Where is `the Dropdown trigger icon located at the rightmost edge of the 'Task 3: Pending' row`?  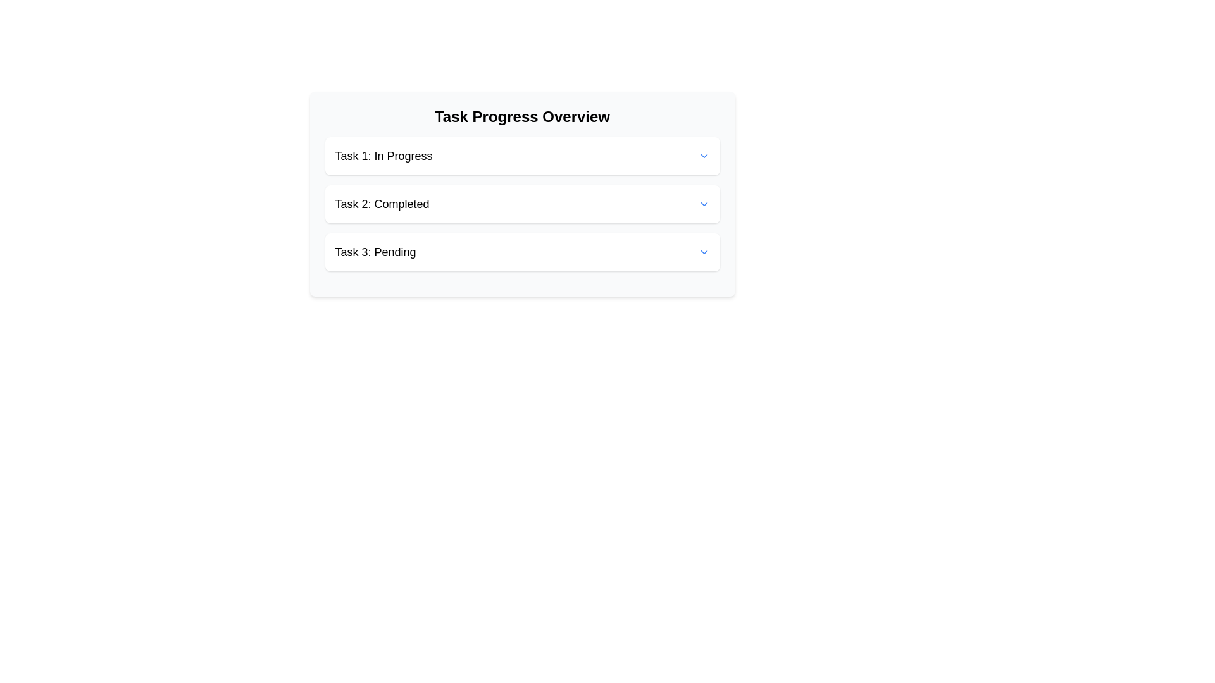
the Dropdown trigger icon located at the rightmost edge of the 'Task 3: Pending' row is located at coordinates (703, 252).